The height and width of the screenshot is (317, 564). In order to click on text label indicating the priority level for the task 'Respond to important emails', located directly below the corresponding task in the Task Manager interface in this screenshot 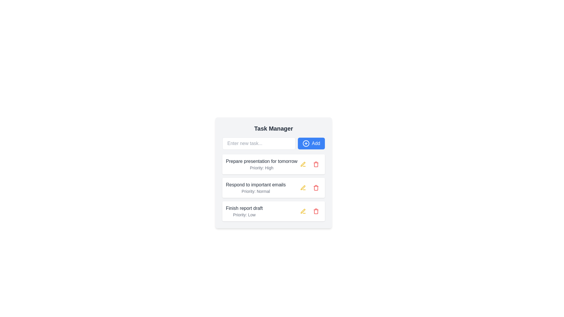, I will do `click(256, 191)`.